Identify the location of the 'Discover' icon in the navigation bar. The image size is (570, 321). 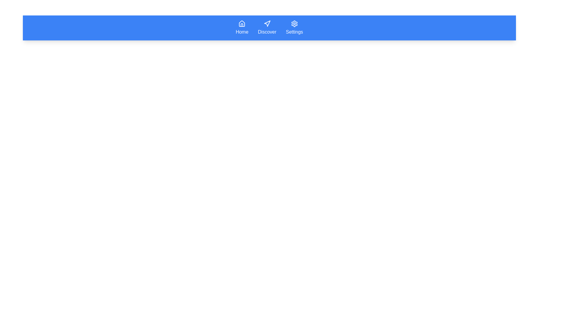
(267, 23).